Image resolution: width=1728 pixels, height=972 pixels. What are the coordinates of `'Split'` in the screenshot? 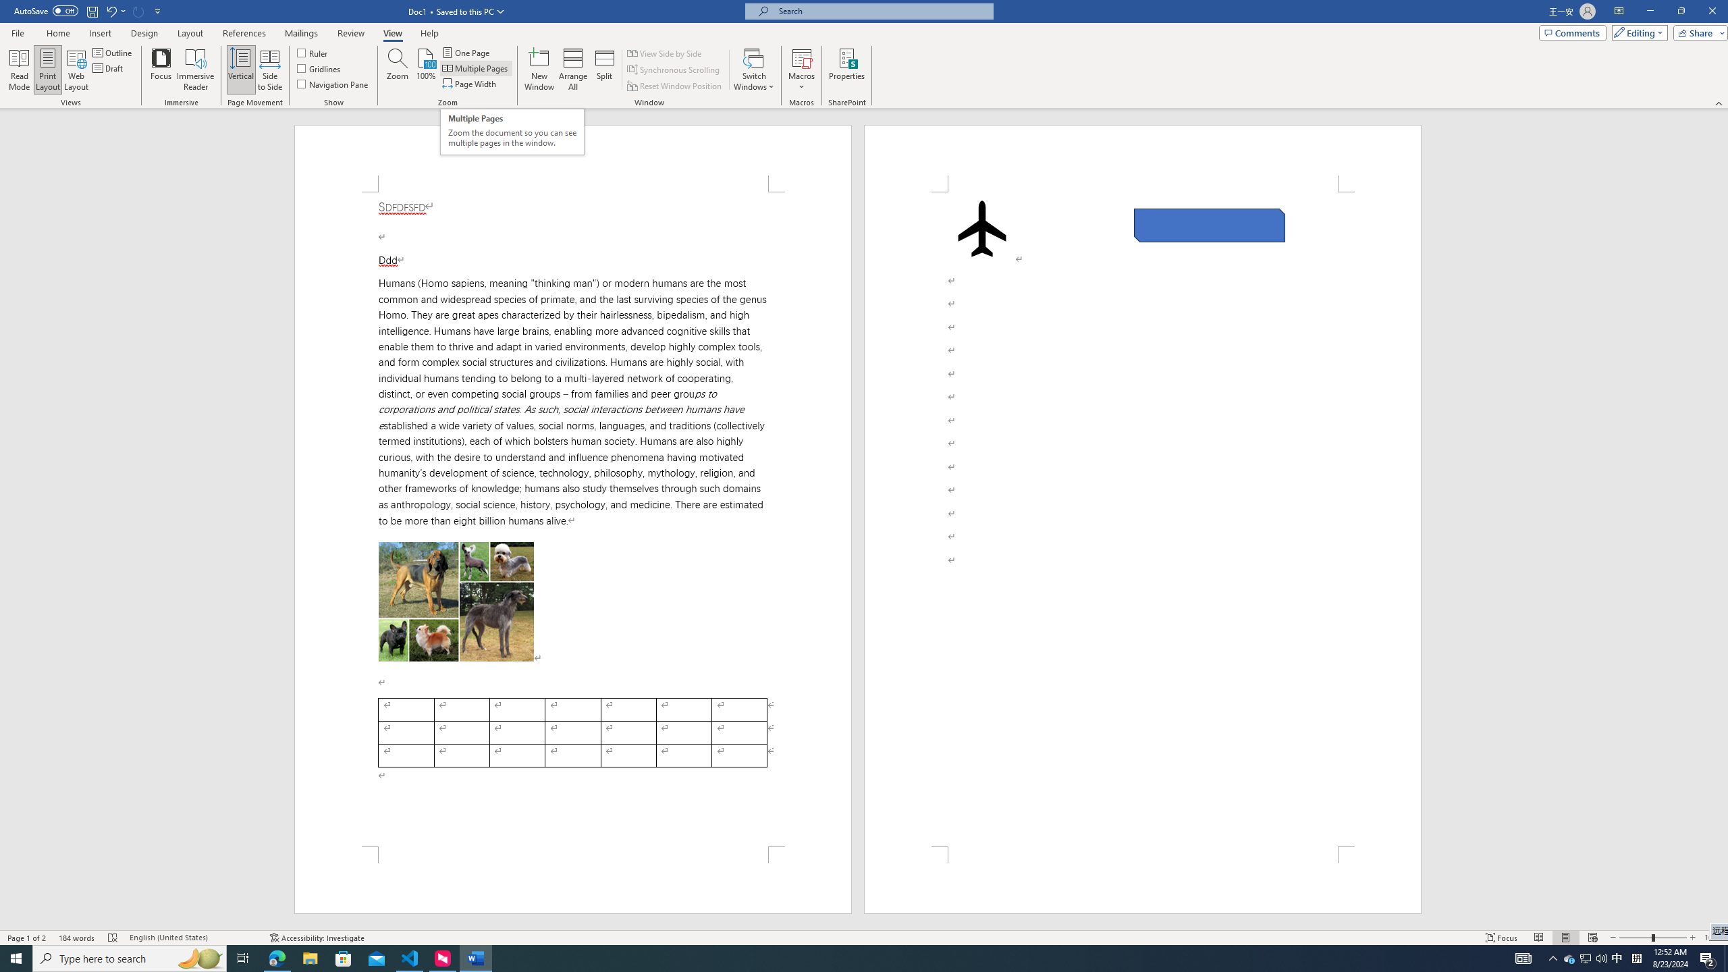 It's located at (605, 70).